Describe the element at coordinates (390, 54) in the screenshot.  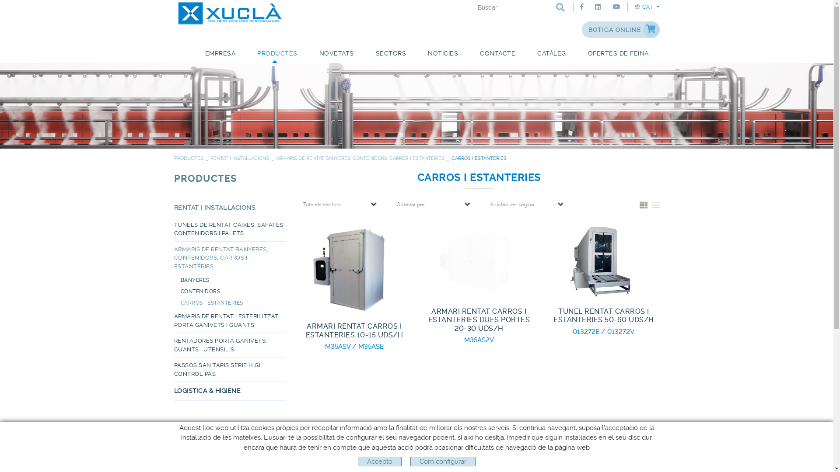
I see `'SECTORS'` at that location.